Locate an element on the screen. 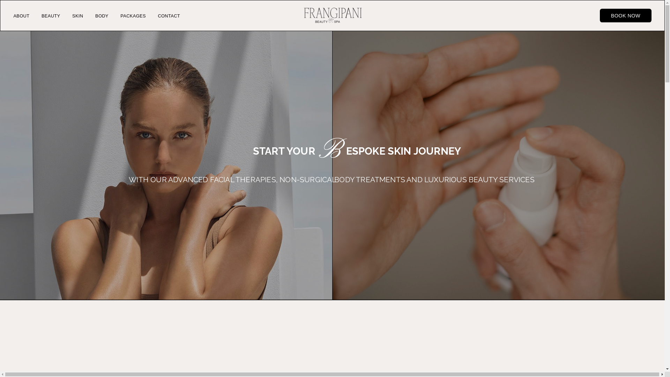 The width and height of the screenshot is (670, 377). 'SKIN' is located at coordinates (77, 16).